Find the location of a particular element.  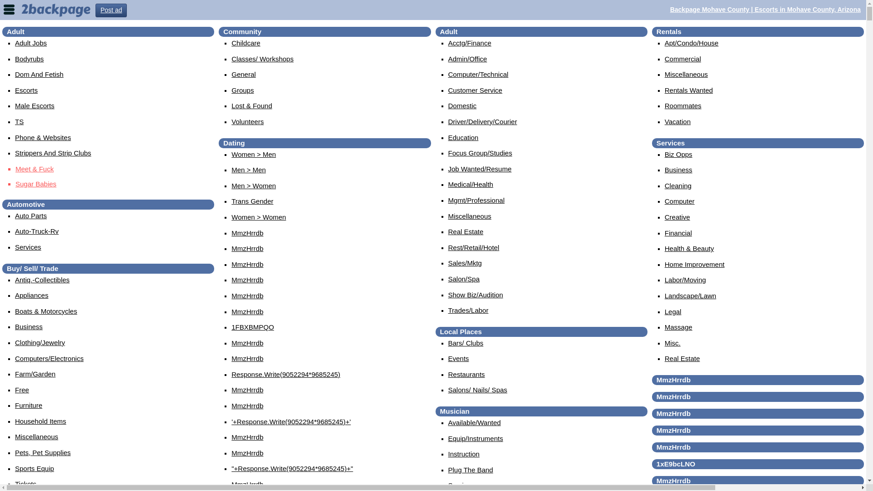

'Job Wanted/Resume' is located at coordinates (480, 169).